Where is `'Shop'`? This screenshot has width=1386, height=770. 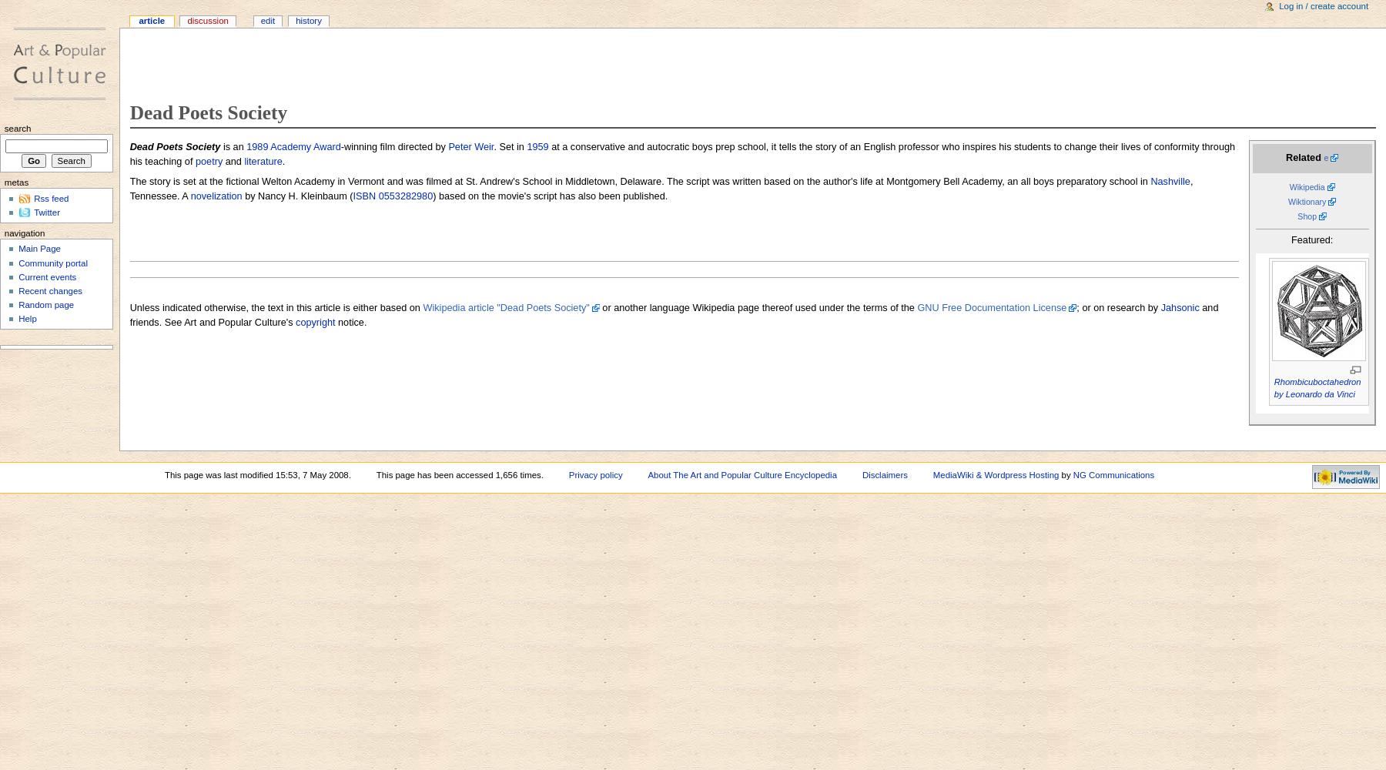 'Shop' is located at coordinates (1307, 216).